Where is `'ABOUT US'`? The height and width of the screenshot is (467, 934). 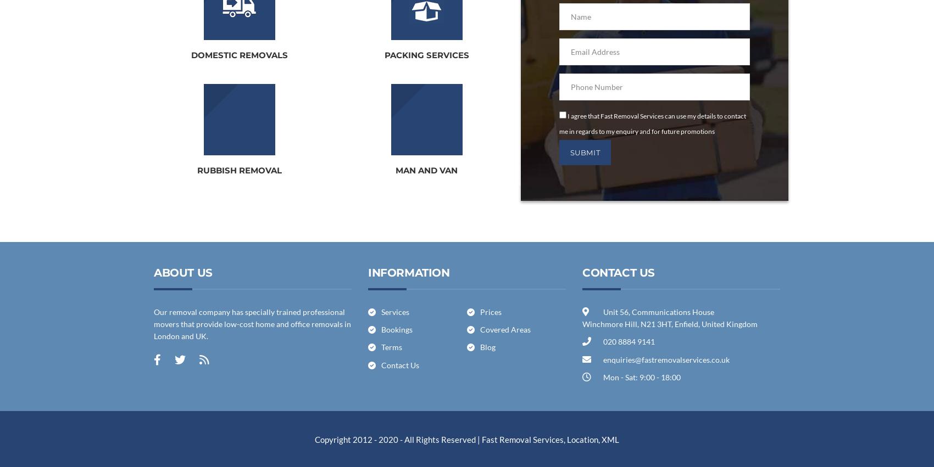 'ABOUT US' is located at coordinates (182, 271).